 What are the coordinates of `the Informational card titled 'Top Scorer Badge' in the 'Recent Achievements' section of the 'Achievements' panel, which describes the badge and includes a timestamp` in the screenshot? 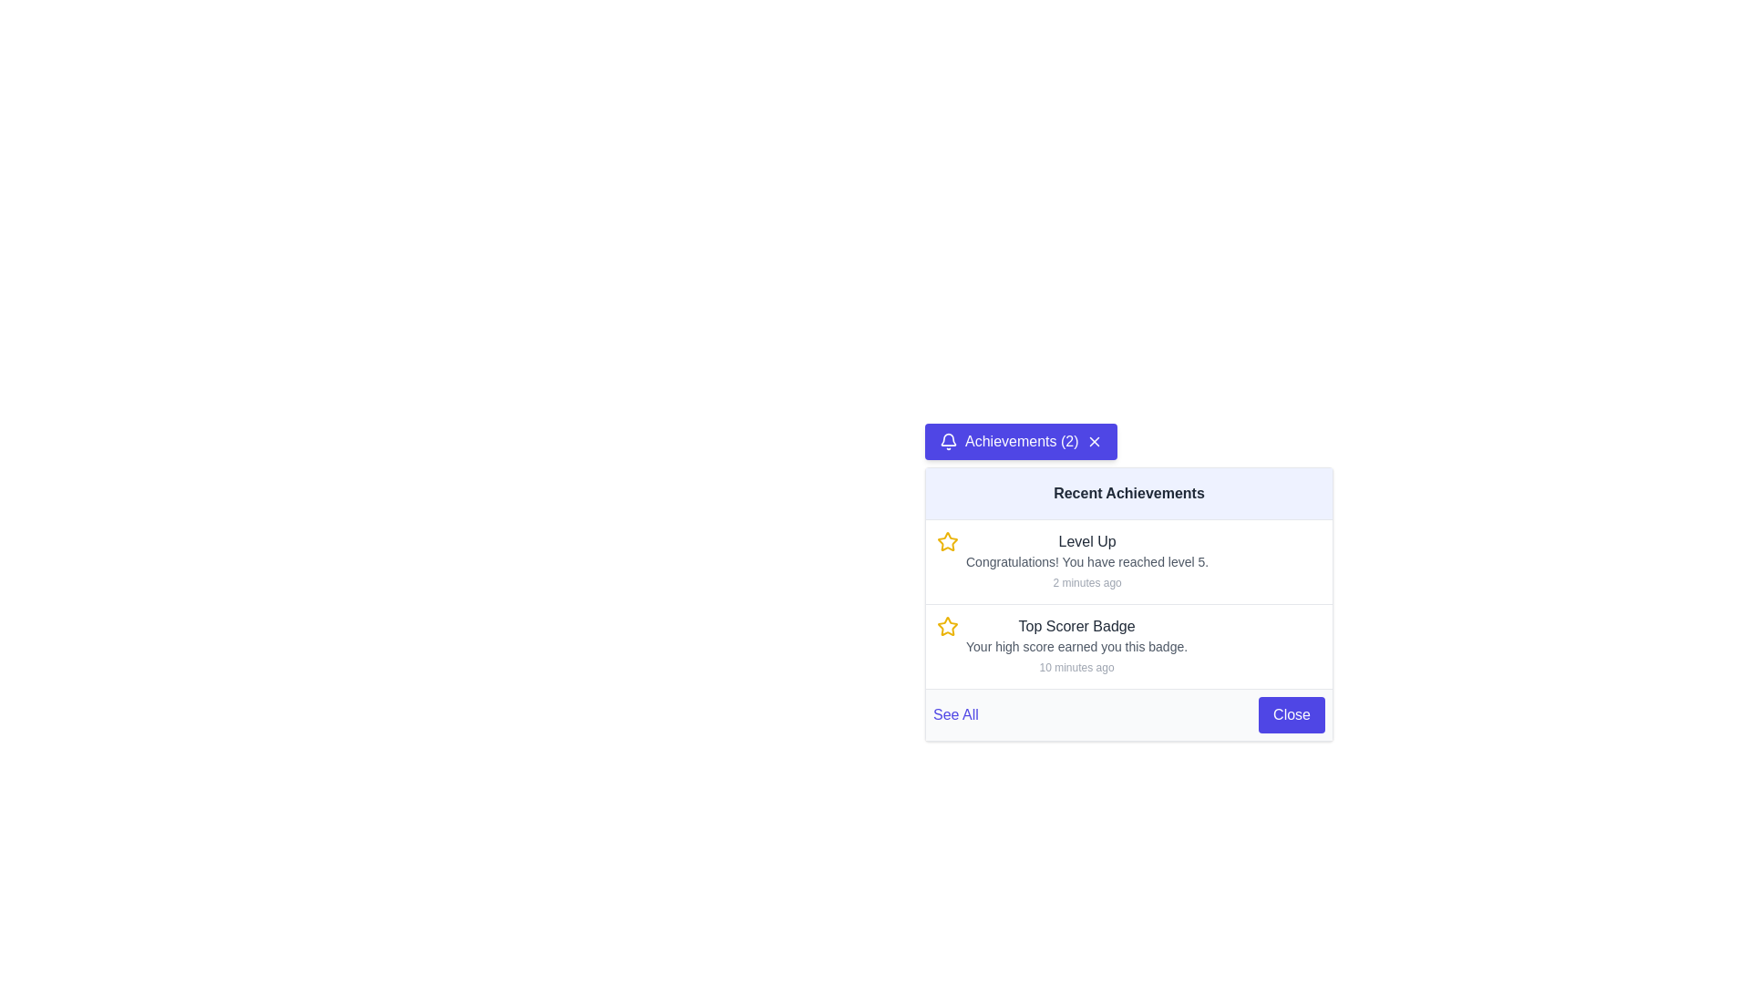 It's located at (1076, 645).